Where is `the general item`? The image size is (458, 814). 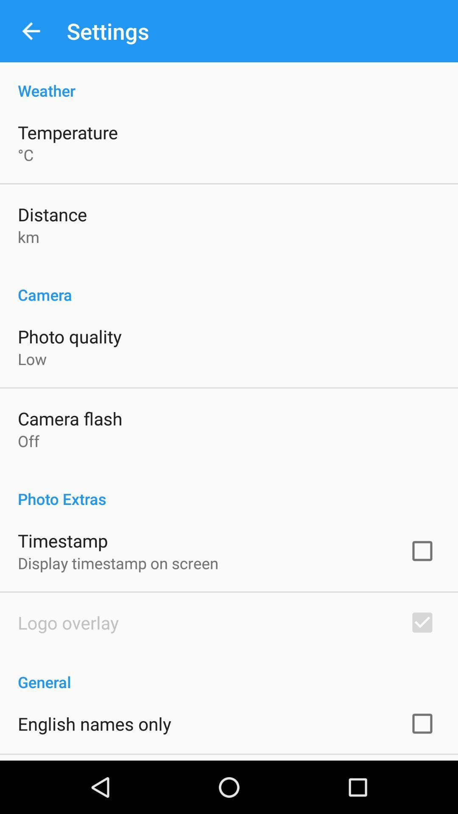 the general item is located at coordinates (229, 672).